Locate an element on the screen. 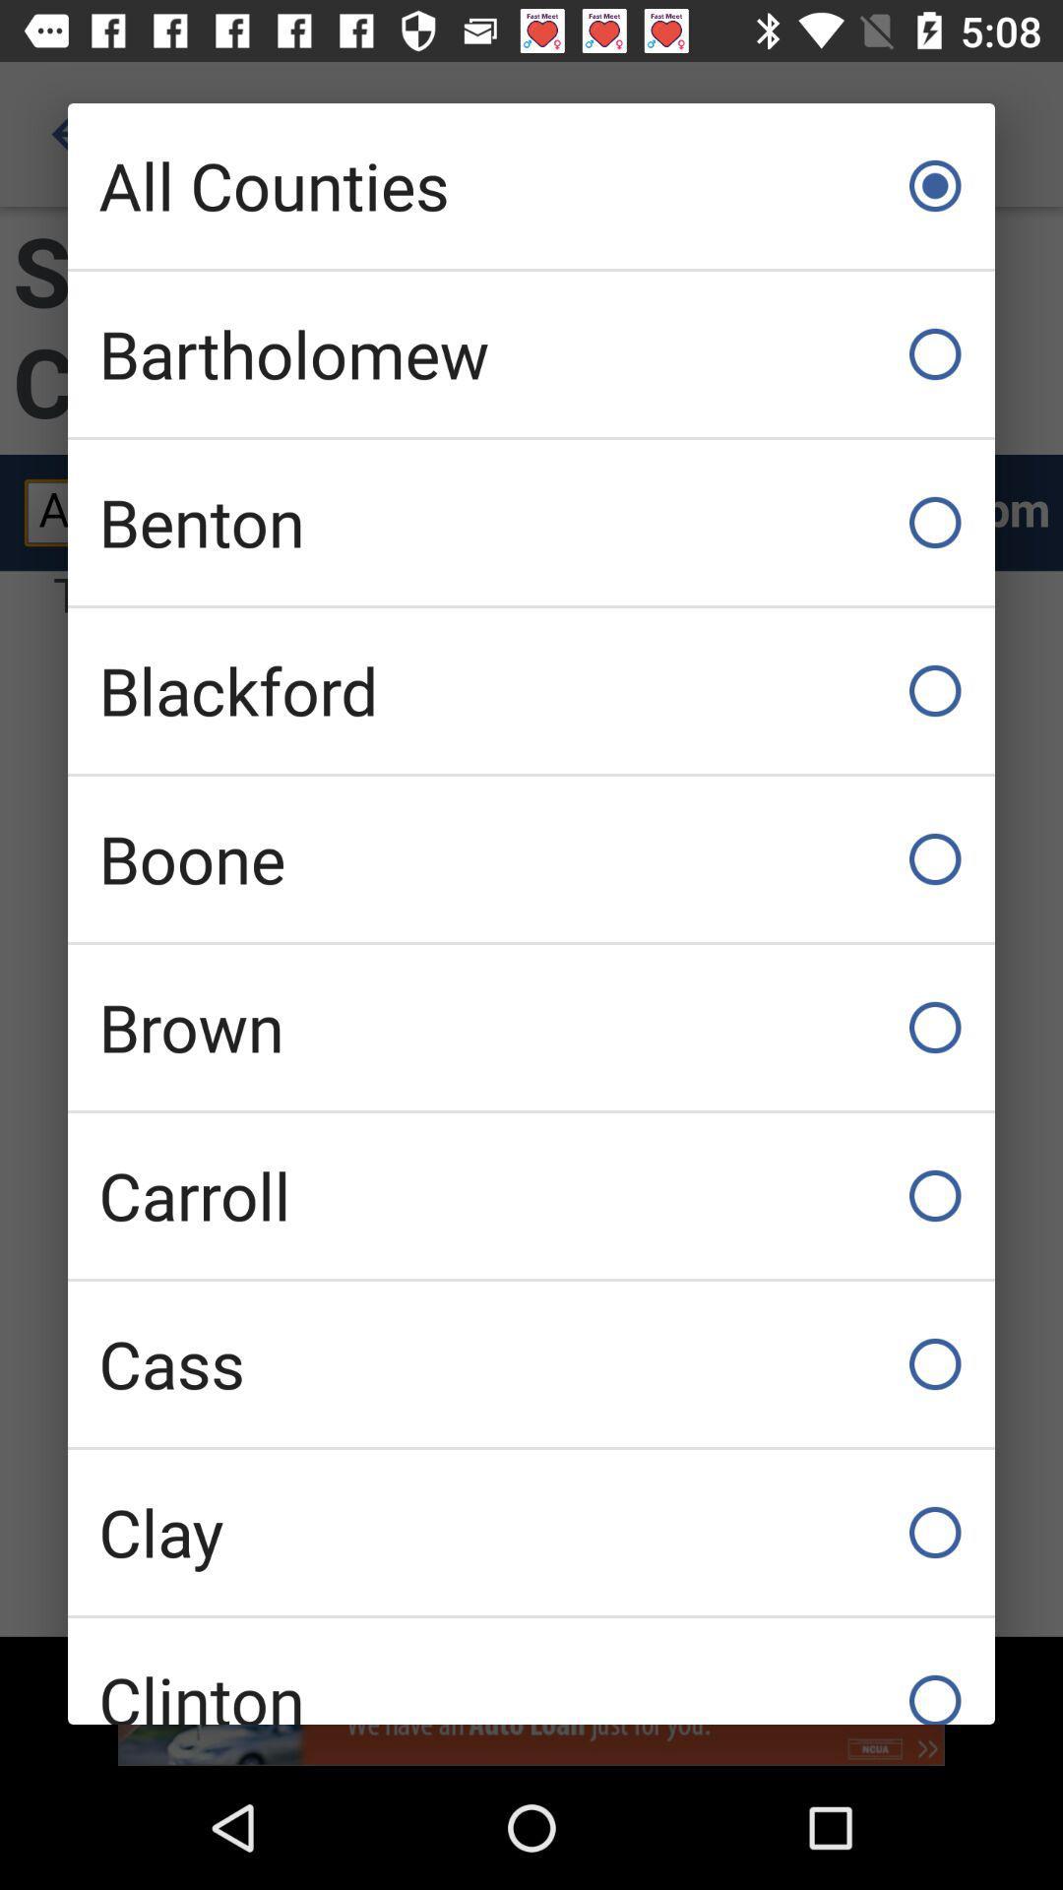  item above bartholomew item is located at coordinates (531, 185).